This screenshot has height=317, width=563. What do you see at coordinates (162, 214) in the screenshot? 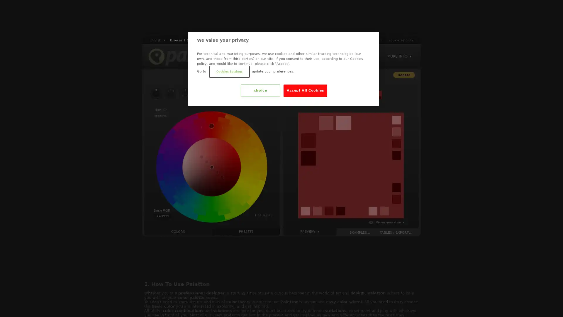
I see `Base RGB: AA3939` at bounding box center [162, 214].